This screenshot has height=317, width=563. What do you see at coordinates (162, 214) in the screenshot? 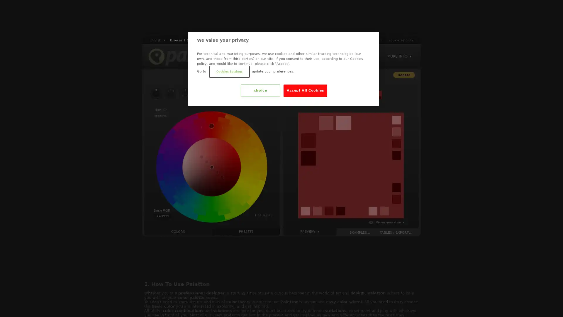
I see `Base RGB: AA3939` at bounding box center [162, 214].